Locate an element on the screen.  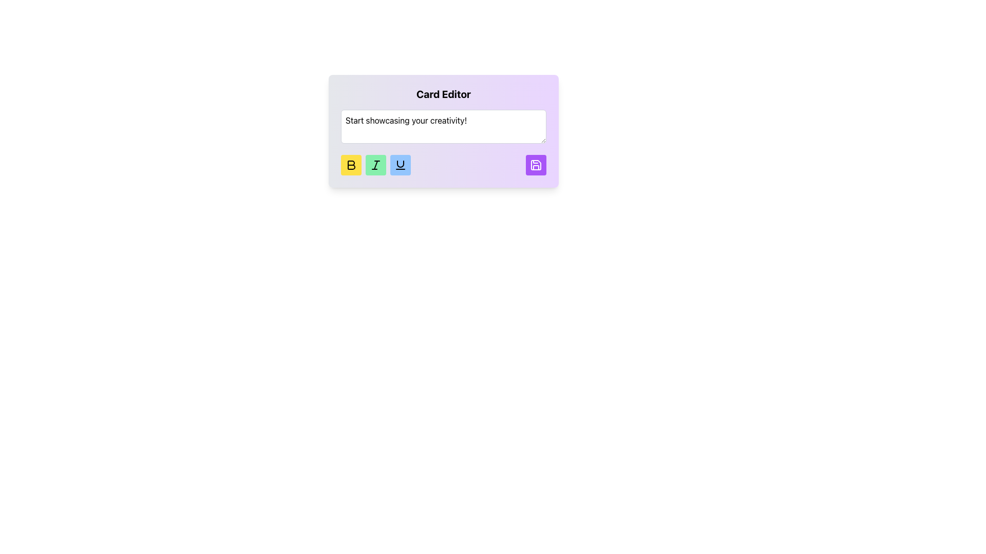
the underline formatting button, which is a small blue icon depicting an underlined letter 'U', located in the toolbar beneath the text input field is located at coordinates (400, 164).